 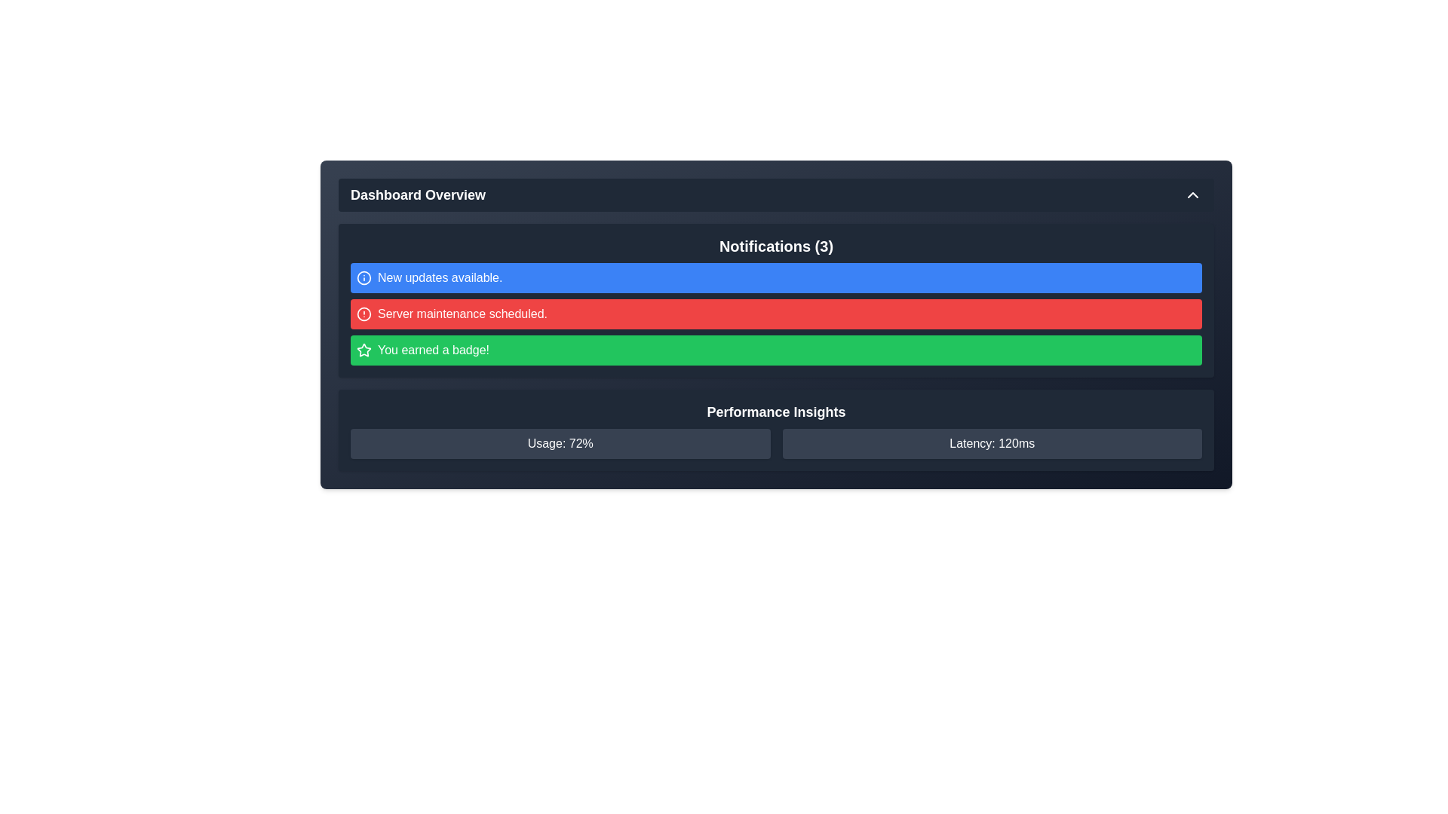 I want to click on message displayed in the red notification bar that states 'Server maintenance scheduled.', so click(x=776, y=313).